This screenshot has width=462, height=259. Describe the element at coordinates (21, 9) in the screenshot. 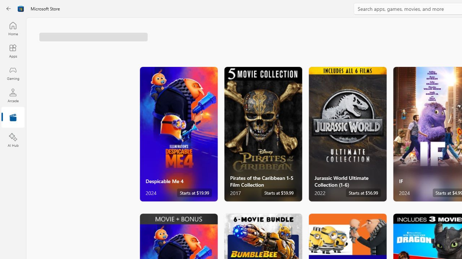

I see `'Class: Image'` at that location.